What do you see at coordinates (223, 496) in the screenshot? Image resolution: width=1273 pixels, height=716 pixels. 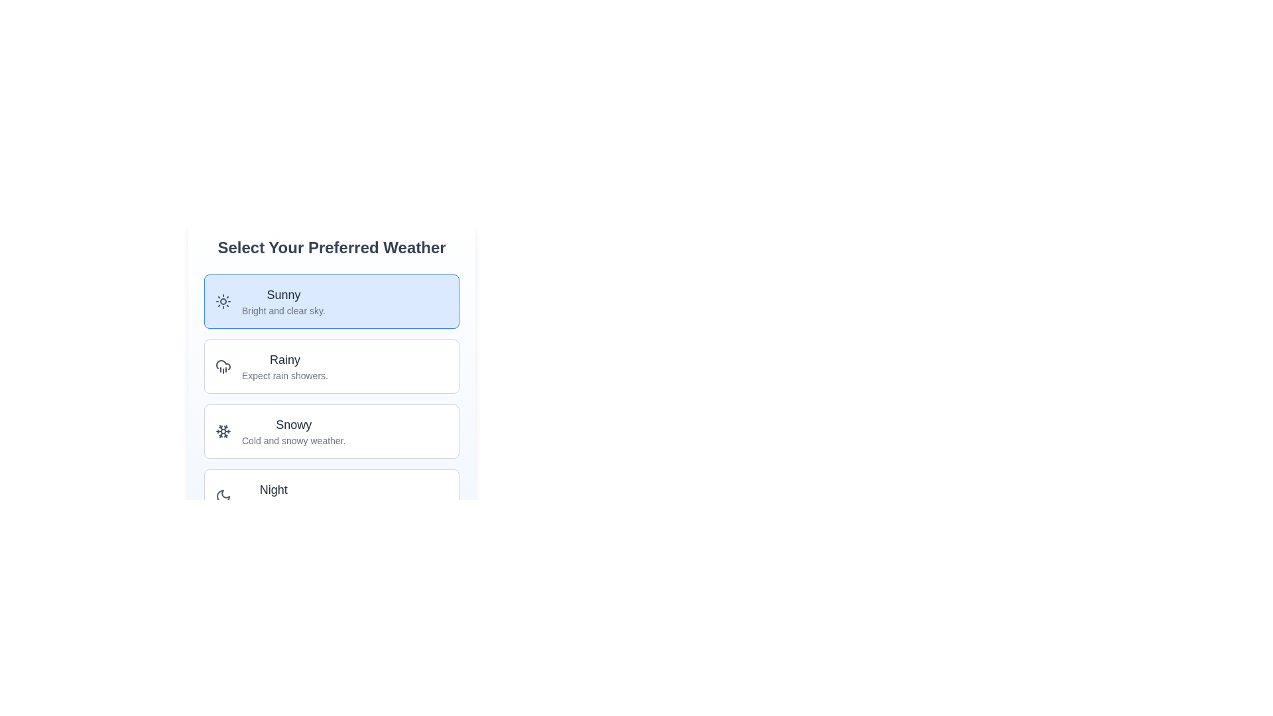 I see `the moon icon located in the leftmost part of the 'Night' card in the 'Select Your Preferred Weather' list` at bounding box center [223, 496].